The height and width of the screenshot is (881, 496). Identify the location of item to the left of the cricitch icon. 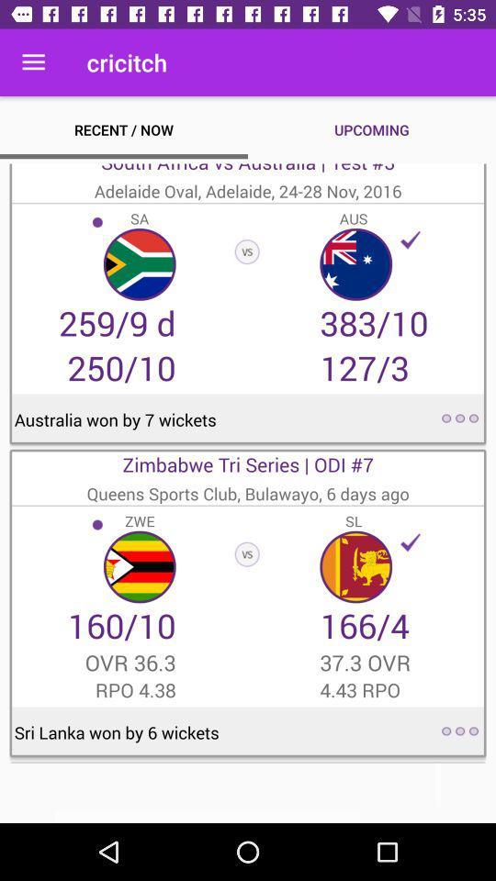
(33, 62).